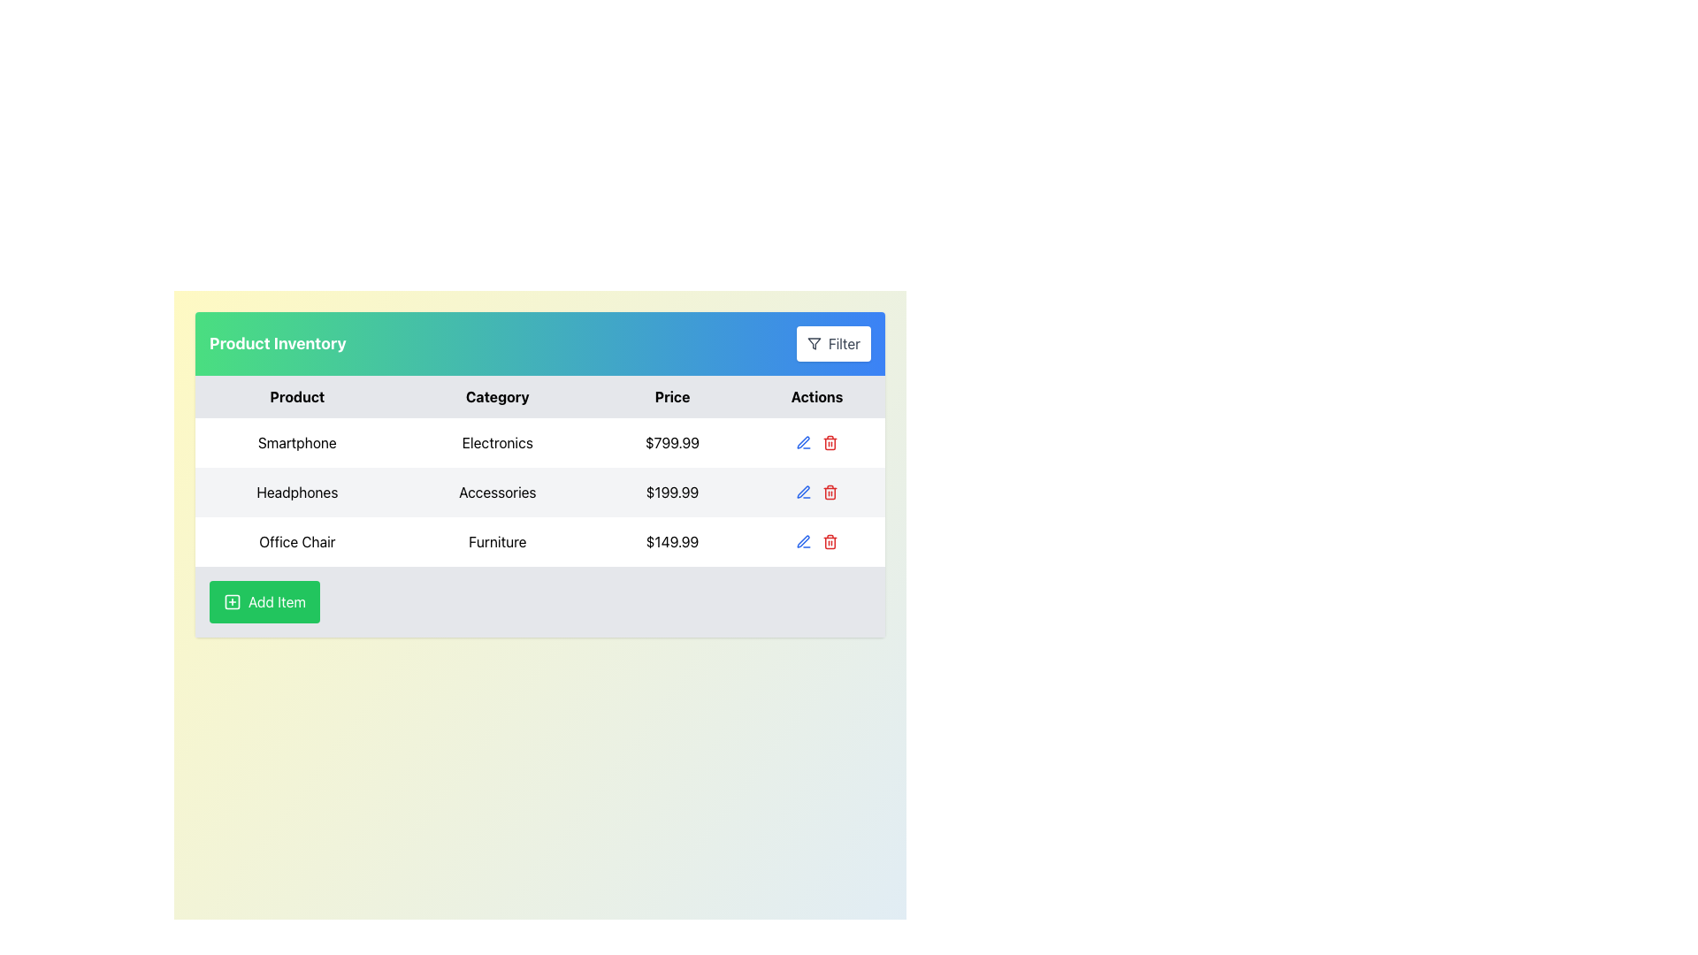 This screenshot has width=1698, height=955. Describe the element at coordinates (539, 473) in the screenshot. I see `the table cell` at that location.